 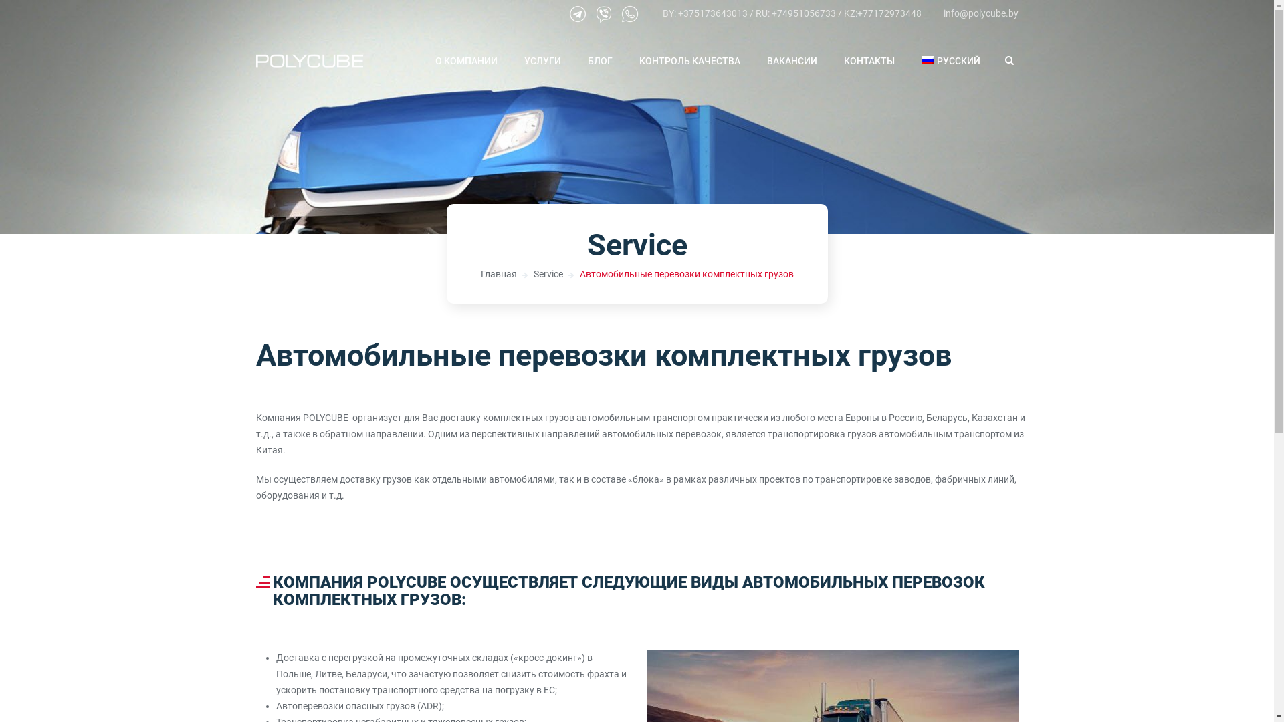 I want to click on 'BY: +375173643013 / RU: +74951056733 / KZ:+77172973448', so click(x=791, y=13).